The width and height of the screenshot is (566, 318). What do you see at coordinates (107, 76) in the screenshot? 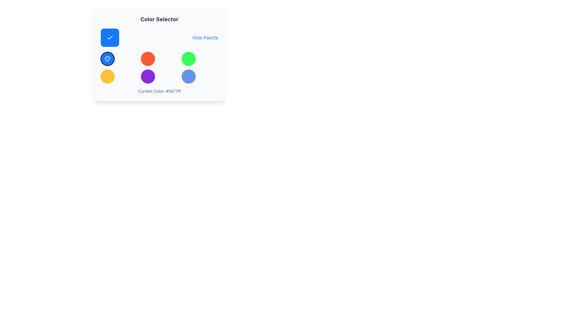
I see `the button in the first column of the third row of the color selector` at bounding box center [107, 76].